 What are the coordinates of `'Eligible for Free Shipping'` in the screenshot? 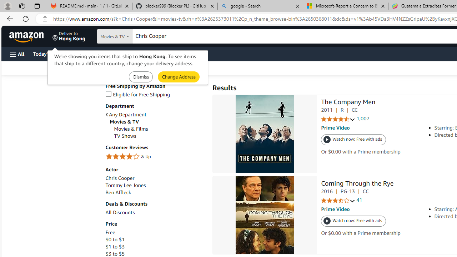 It's located at (137, 94).